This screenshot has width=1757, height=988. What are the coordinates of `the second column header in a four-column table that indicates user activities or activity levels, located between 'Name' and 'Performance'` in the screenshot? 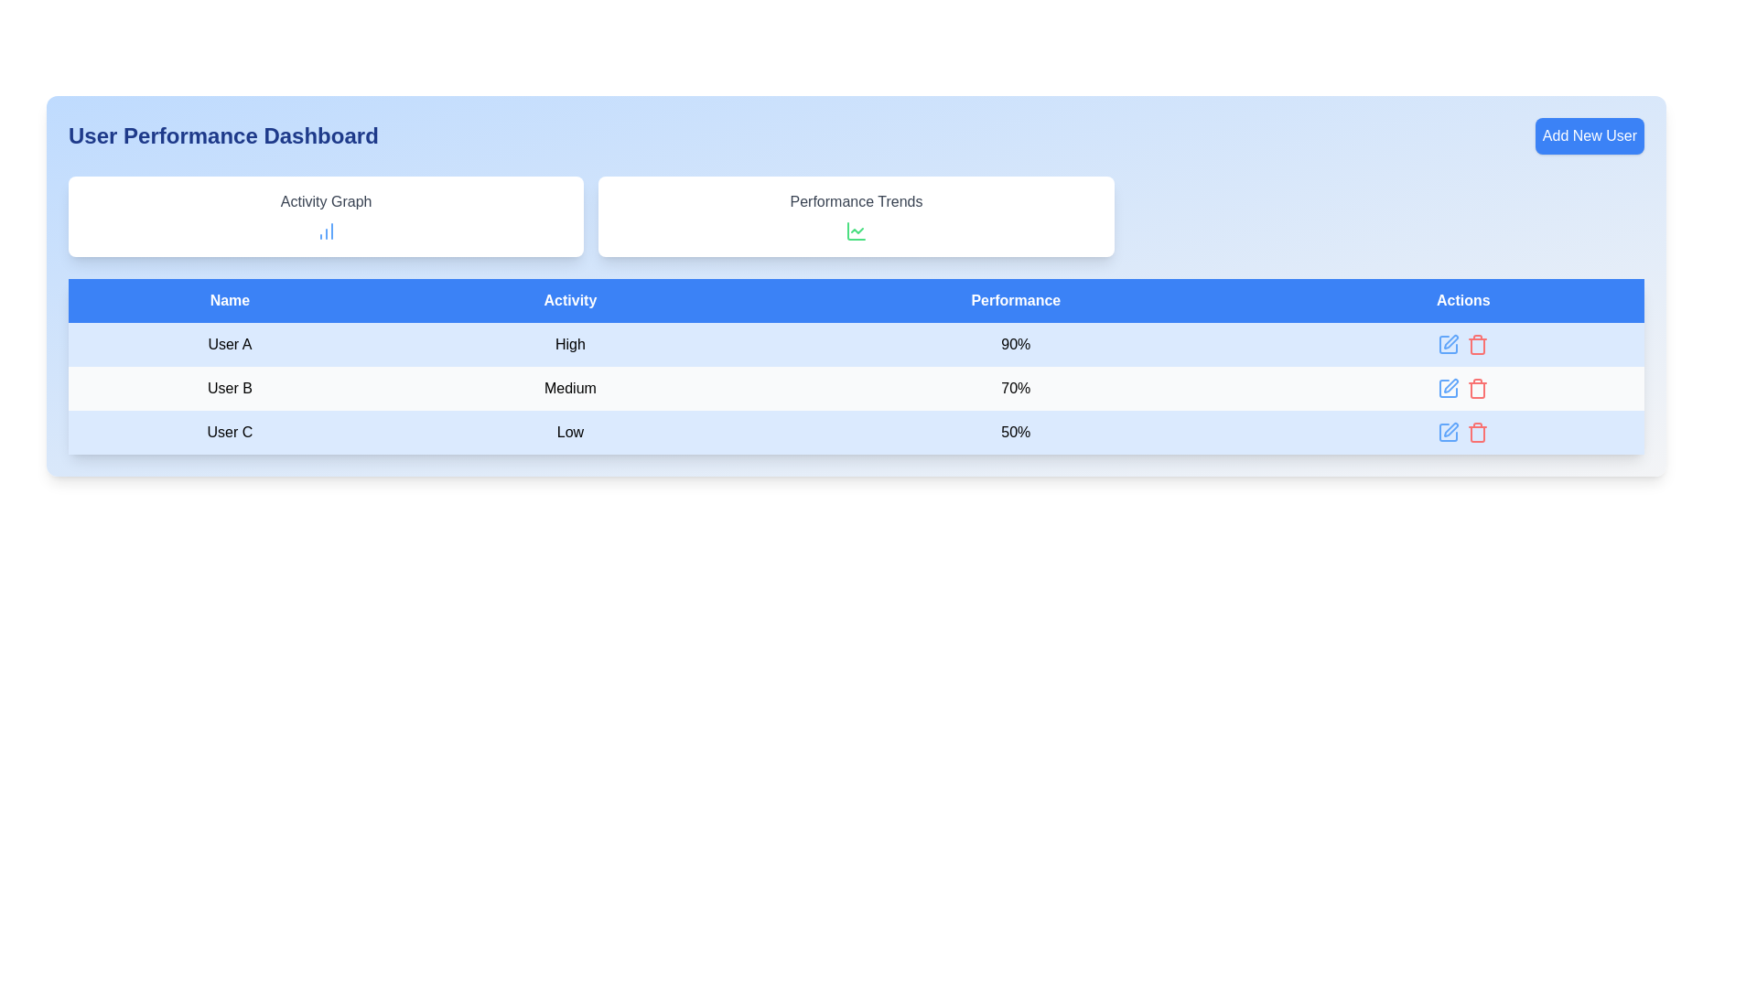 It's located at (569, 299).